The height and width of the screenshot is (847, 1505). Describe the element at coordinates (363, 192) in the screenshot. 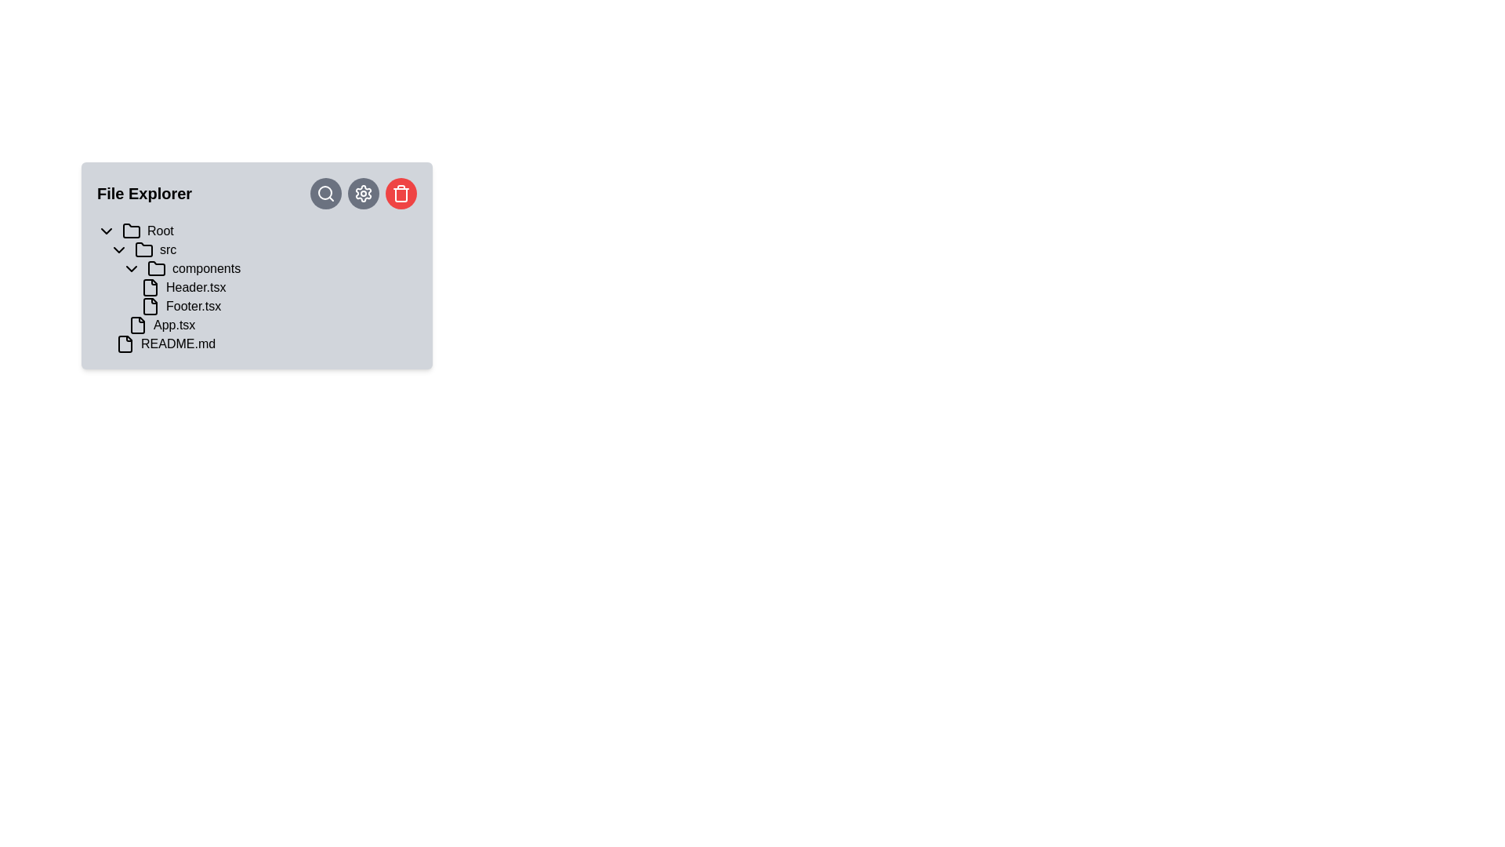

I see `the settings gear icon located at the top-right corner of the 'File Explorer' panel` at that location.